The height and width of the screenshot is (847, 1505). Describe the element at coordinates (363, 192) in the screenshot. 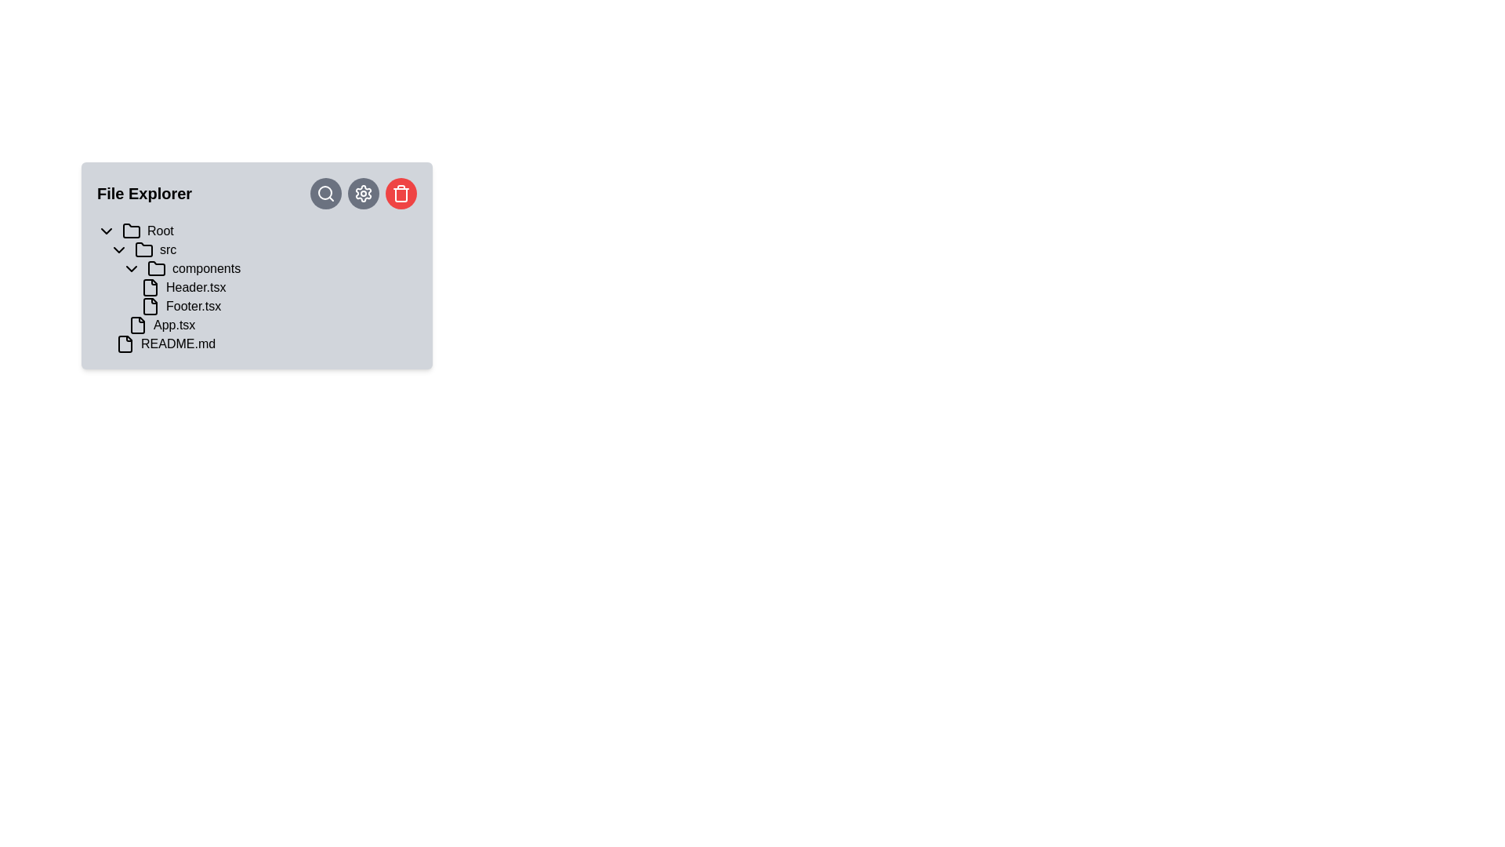

I see `the settings gear icon located at the top-right corner of the 'File Explorer' panel` at that location.